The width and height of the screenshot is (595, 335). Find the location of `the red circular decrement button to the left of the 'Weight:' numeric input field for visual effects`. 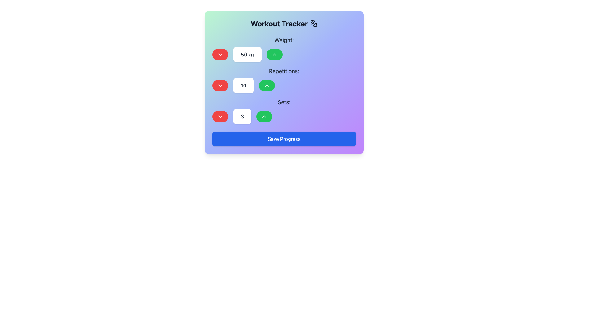

the red circular decrement button to the left of the 'Weight:' numeric input field for visual effects is located at coordinates (220, 54).